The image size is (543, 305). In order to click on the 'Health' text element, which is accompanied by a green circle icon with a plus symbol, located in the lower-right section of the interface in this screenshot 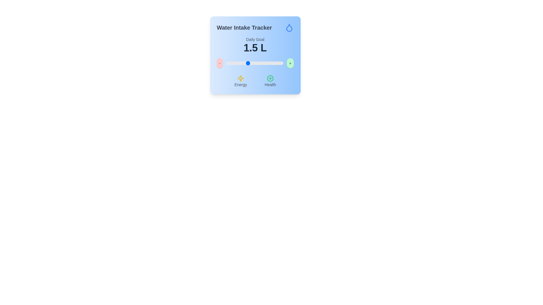, I will do `click(270, 81)`.